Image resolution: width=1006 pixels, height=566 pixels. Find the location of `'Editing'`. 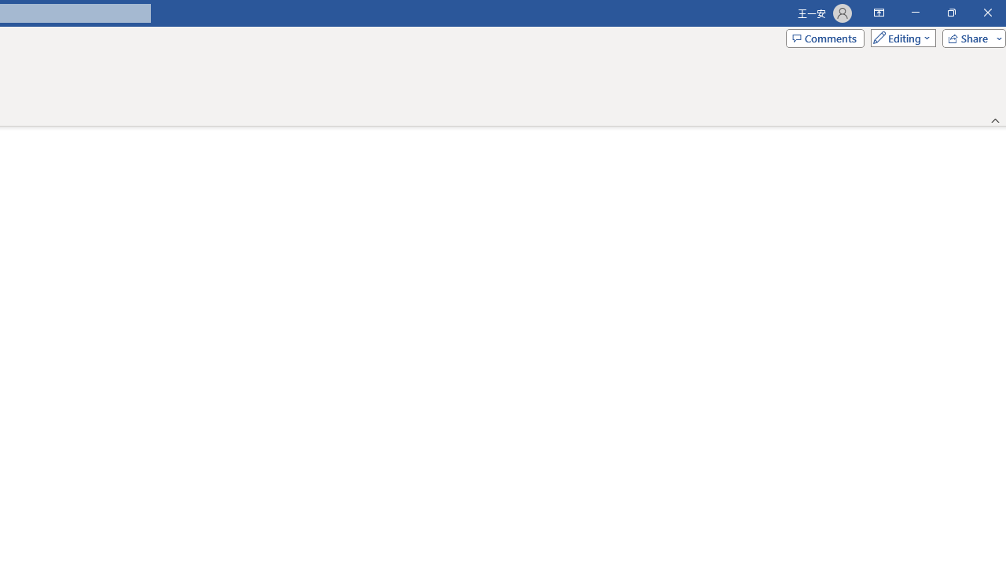

'Editing' is located at coordinates (899, 37).